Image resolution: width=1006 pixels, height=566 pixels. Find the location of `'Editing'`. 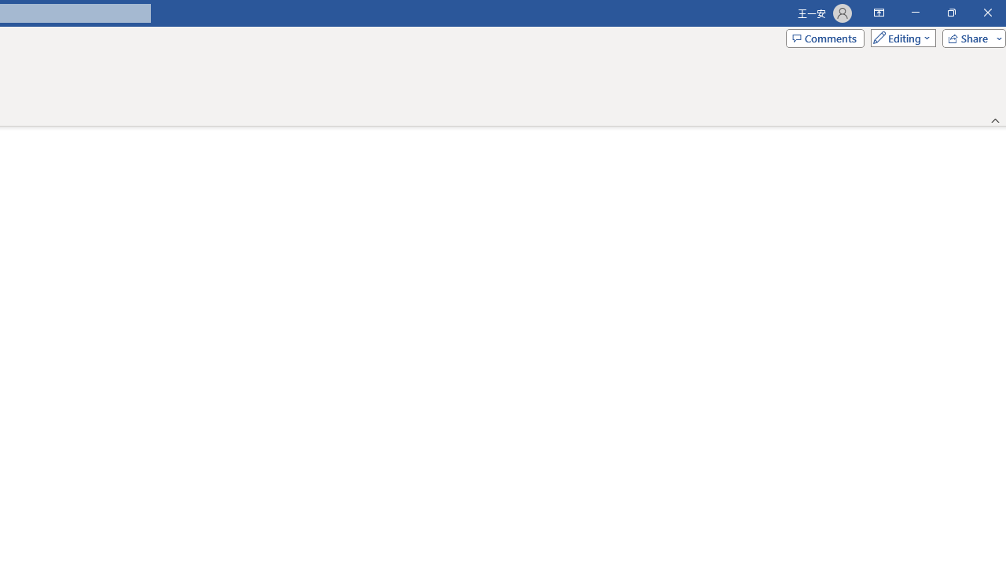

'Editing' is located at coordinates (899, 37).